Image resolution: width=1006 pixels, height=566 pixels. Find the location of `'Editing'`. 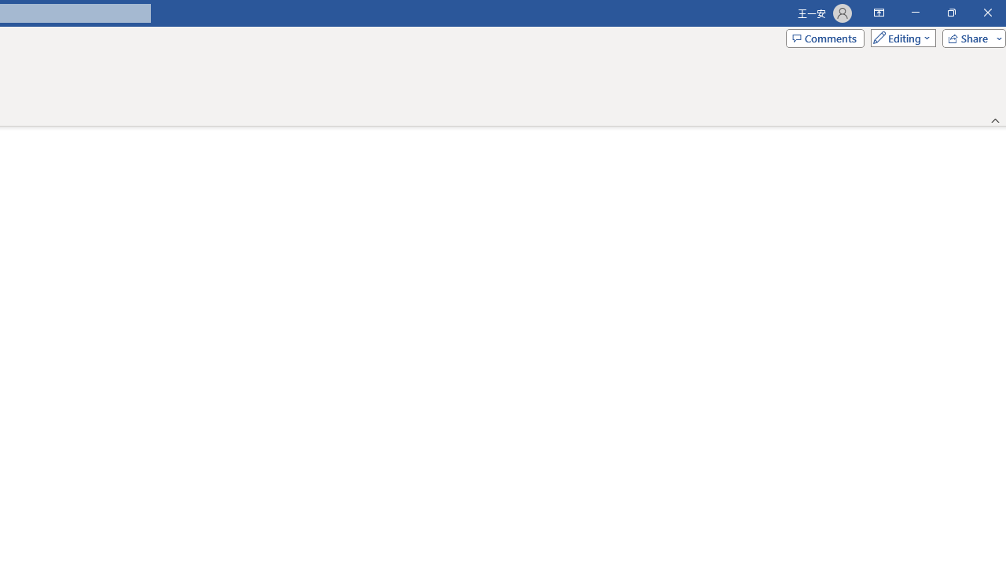

'Editing' is located at coordinates (899, 37).